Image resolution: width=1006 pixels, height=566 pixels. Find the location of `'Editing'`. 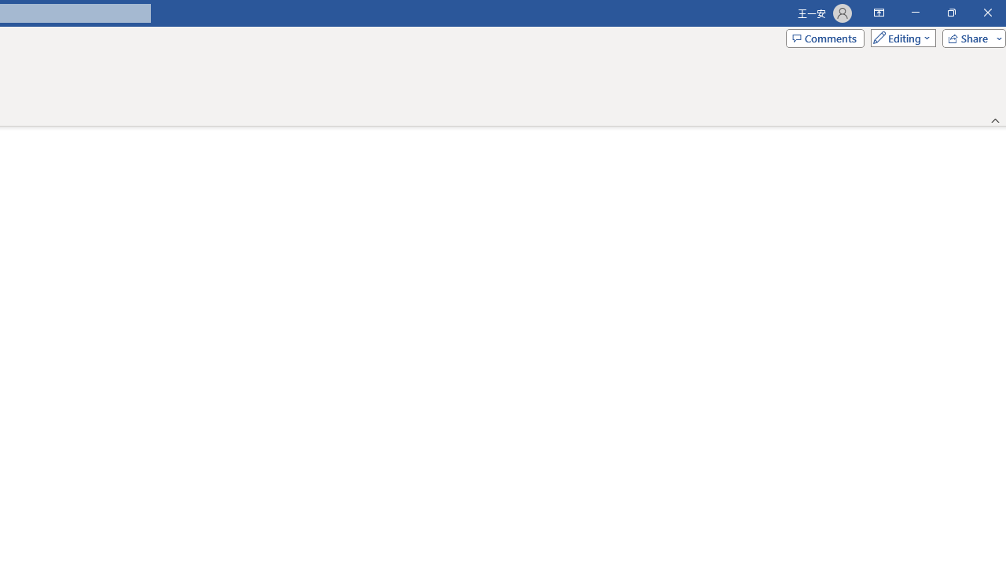

'Editing' is located at coordinates (899, 37).